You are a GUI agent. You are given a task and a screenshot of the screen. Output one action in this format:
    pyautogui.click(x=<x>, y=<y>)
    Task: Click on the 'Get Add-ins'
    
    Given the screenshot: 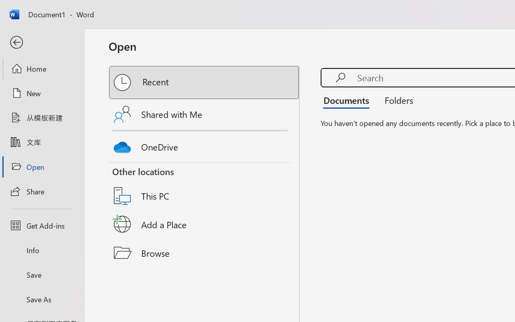 What is the action you would take?
    pyautogui.click(x=41, y=225)
    